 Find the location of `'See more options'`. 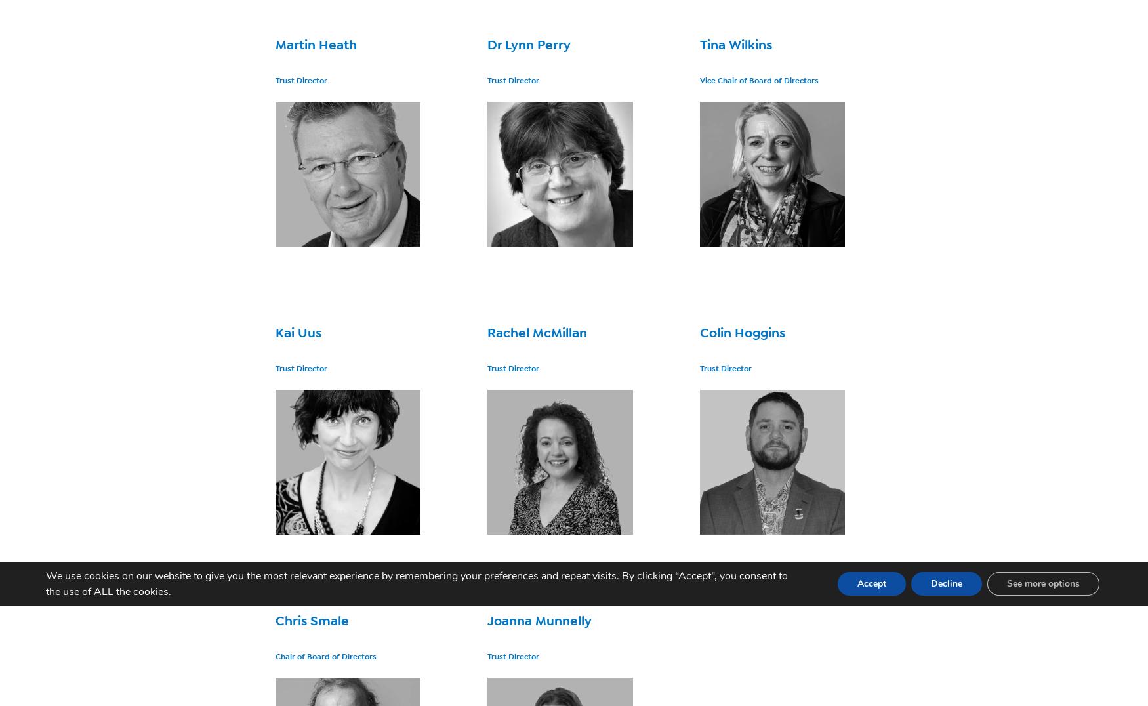

'See more options' is located at coordinates (1043, 583).